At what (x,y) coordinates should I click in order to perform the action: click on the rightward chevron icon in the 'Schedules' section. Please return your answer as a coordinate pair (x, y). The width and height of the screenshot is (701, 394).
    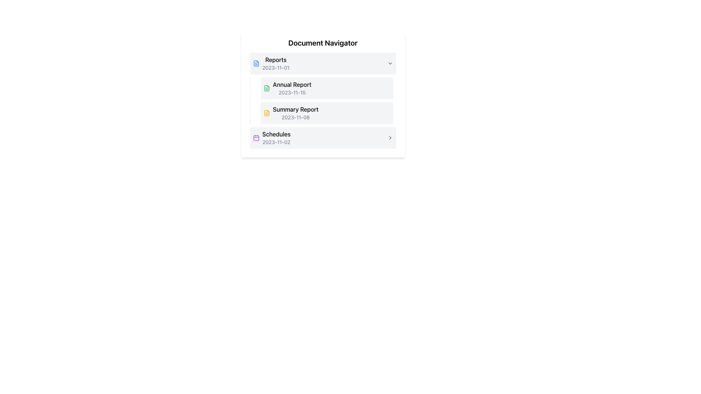
    Looking at the image, I should click on (390, 138).